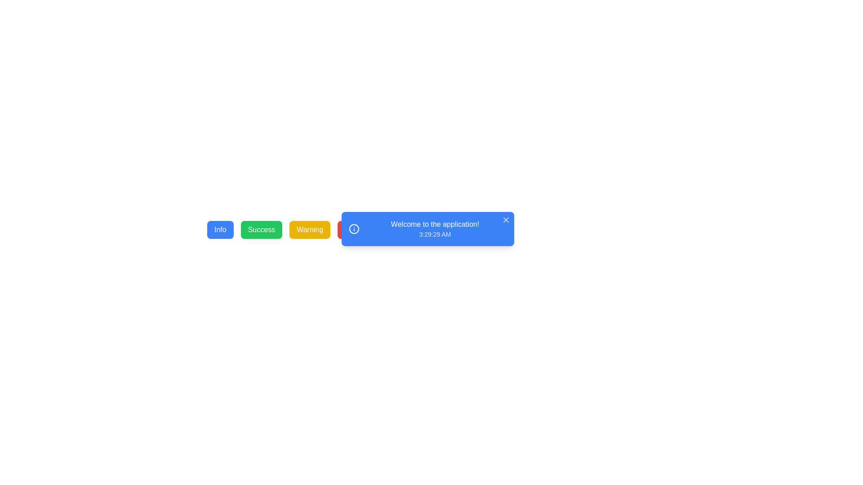 This screenshot has width=863, height=485. I want to click on the warning button, which is the third button from the left in a horizontal group of buttons, positioned between the 'Success' and 'Error' buttons, so click(310, 229).